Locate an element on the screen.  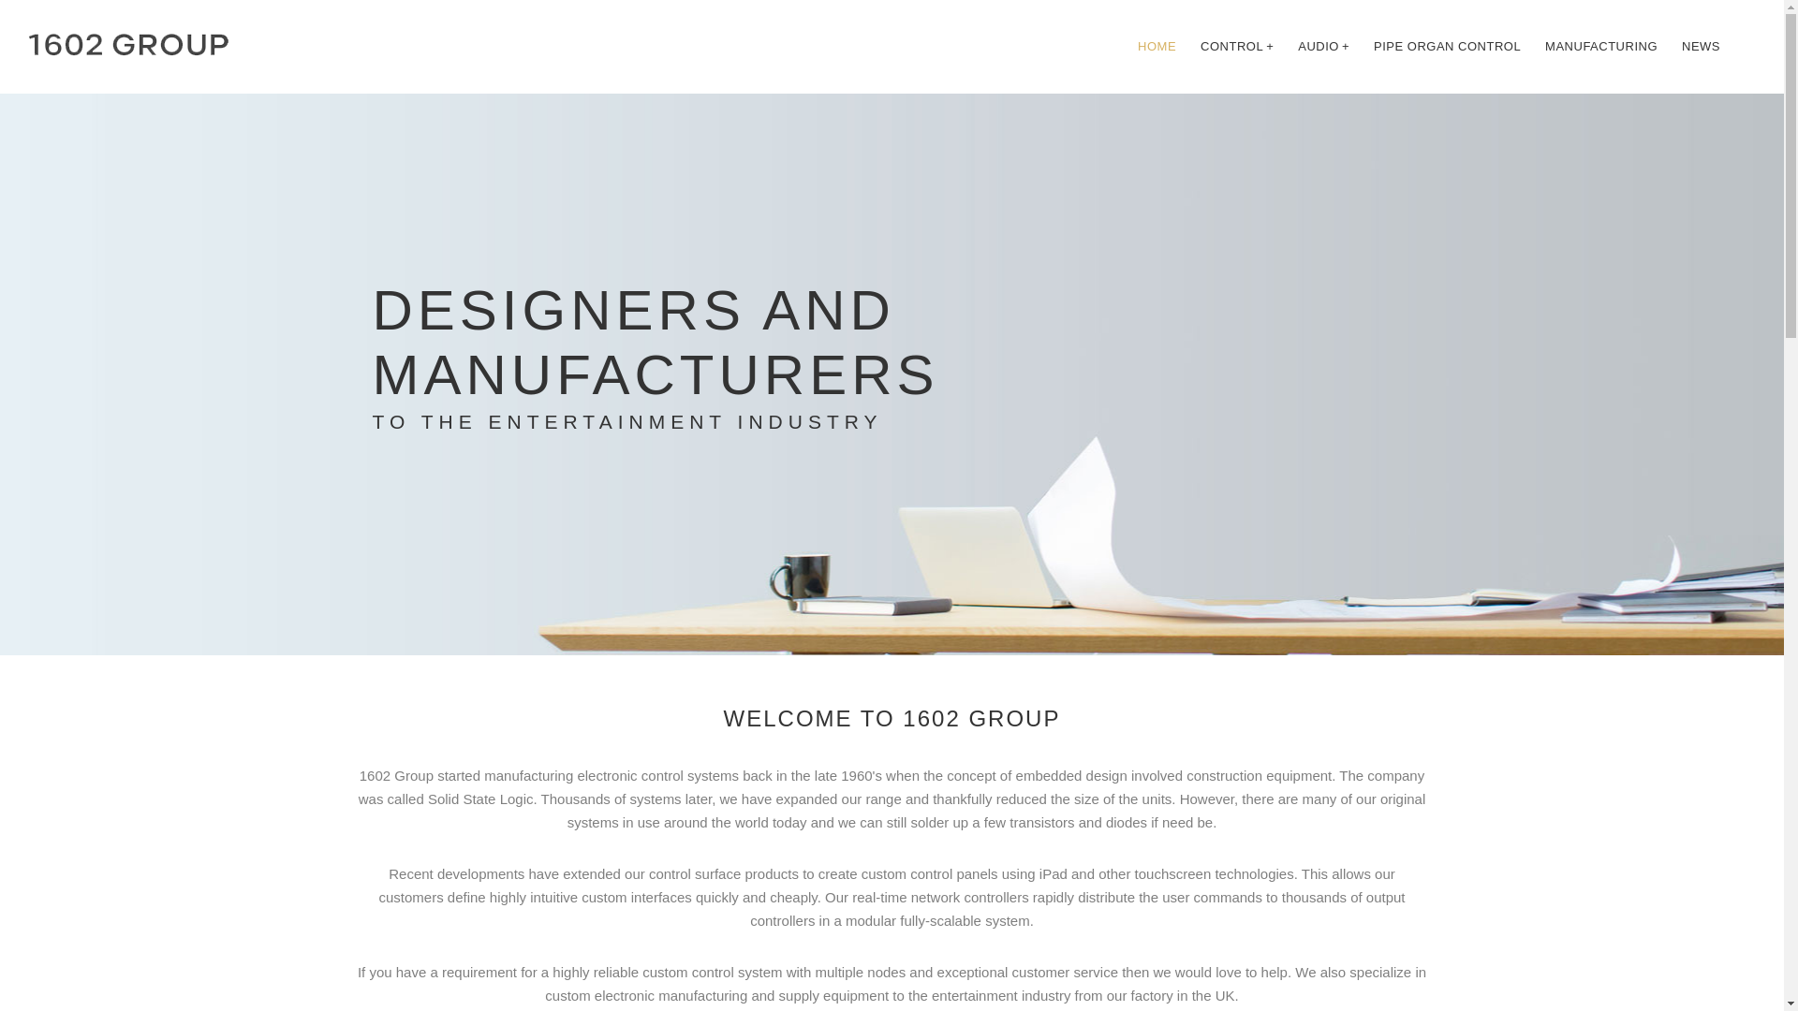
'MANUFACTURING' is located at coordinates (1599, 46).